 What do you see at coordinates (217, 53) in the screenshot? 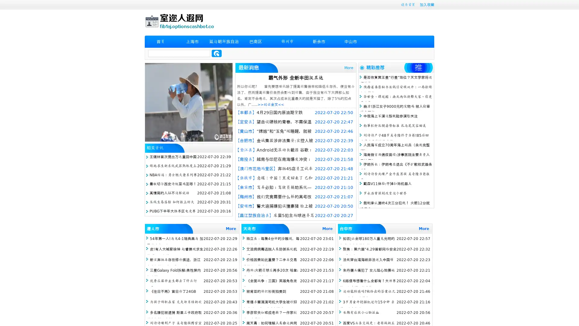
I see `Search` at bounding box center [217, 53].